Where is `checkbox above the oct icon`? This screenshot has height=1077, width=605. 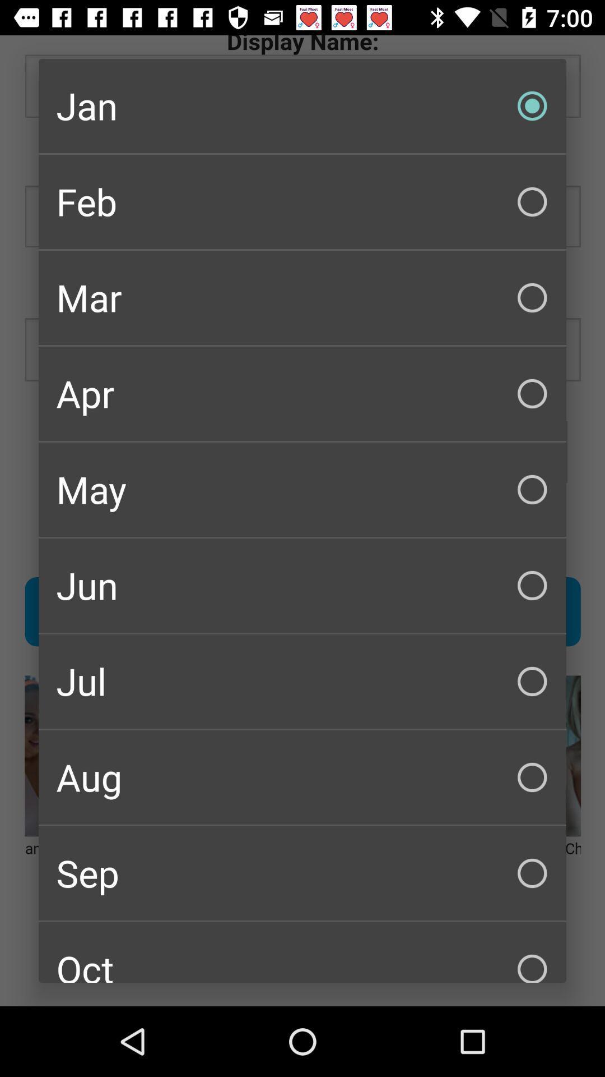 checkbox above the oct icon is located at coordinates (302, 872).